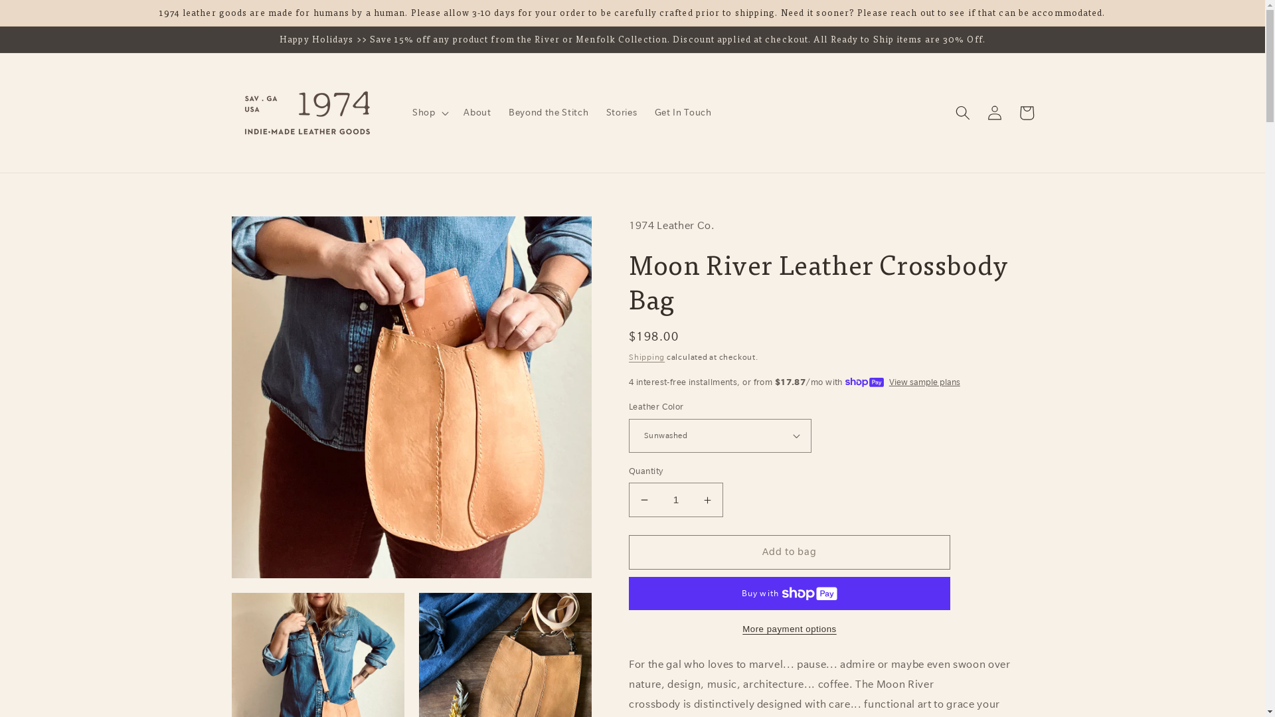 Image resolution: width=1275 pixels, height=717 pixels. I want to click on 'About', so click(477, 112).